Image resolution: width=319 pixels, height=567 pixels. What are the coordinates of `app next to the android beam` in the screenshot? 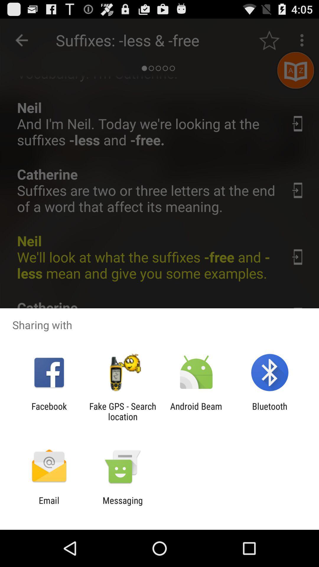 It's located at (270, 411).